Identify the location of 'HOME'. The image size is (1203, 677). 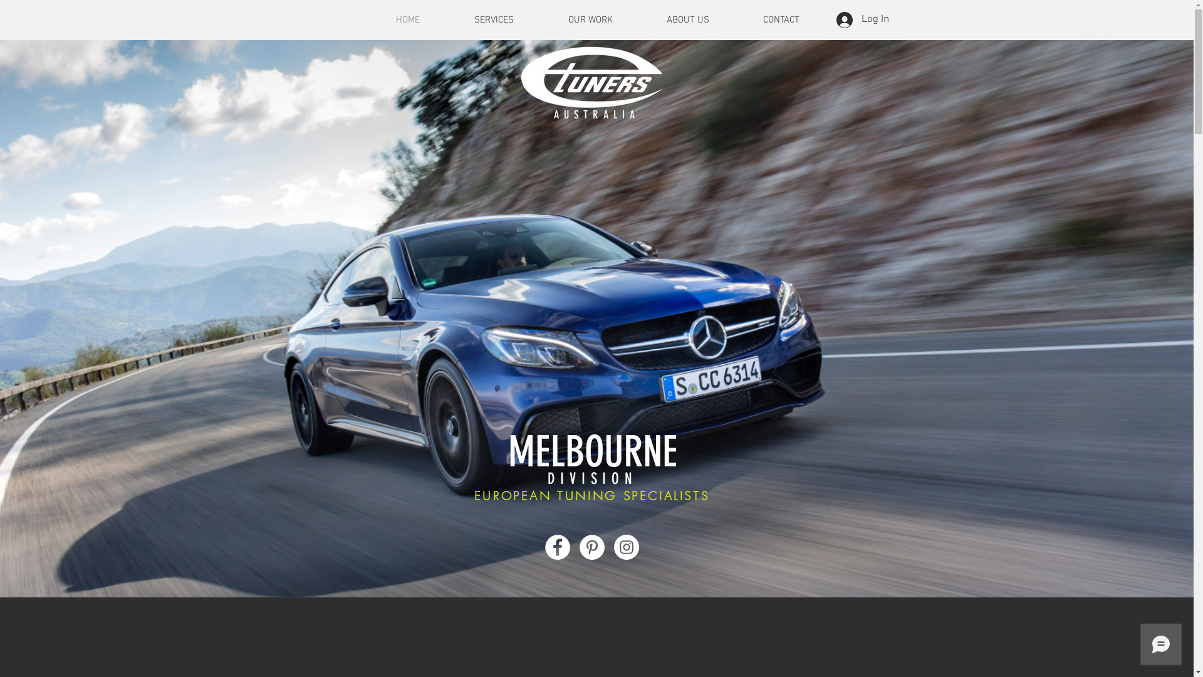
(407, 19).